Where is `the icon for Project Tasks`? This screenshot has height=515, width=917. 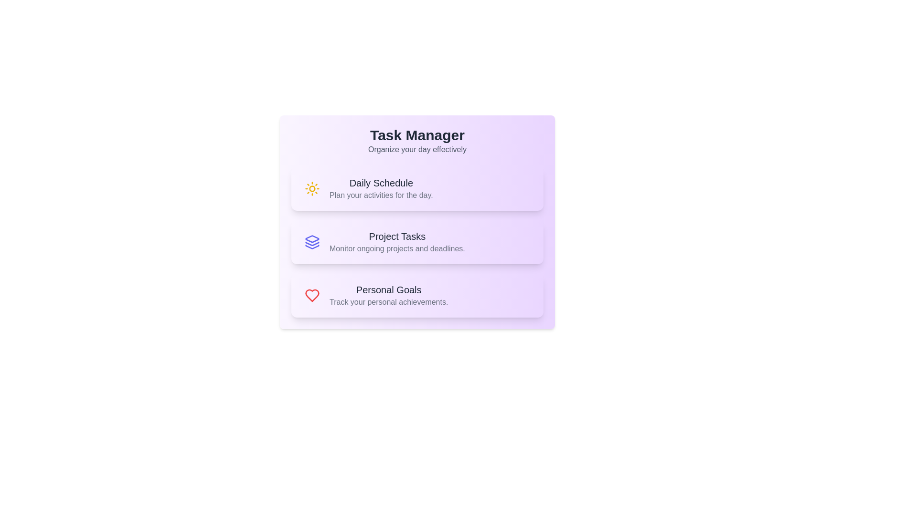
the icon for Project Tasks is located at coordinates (312, 242).